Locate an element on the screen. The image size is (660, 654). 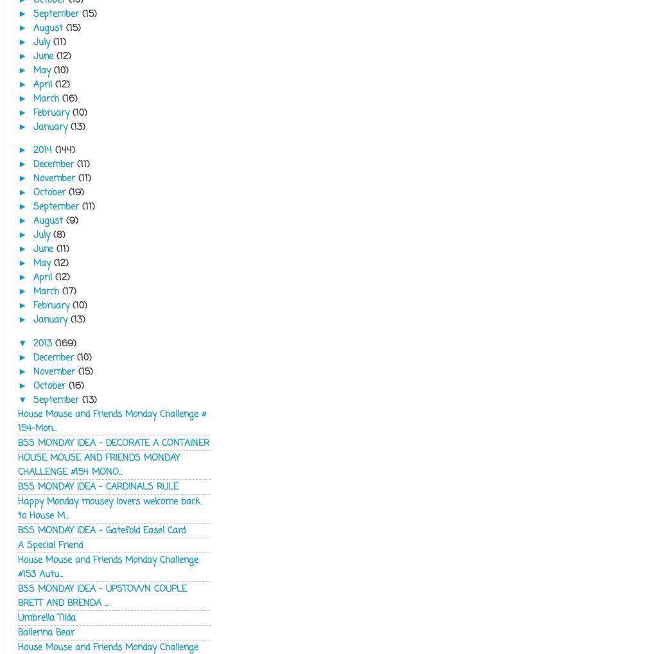
'BSS MONDAY IDEA - CARDINALS RULE' is located at coordinates (98, 485).